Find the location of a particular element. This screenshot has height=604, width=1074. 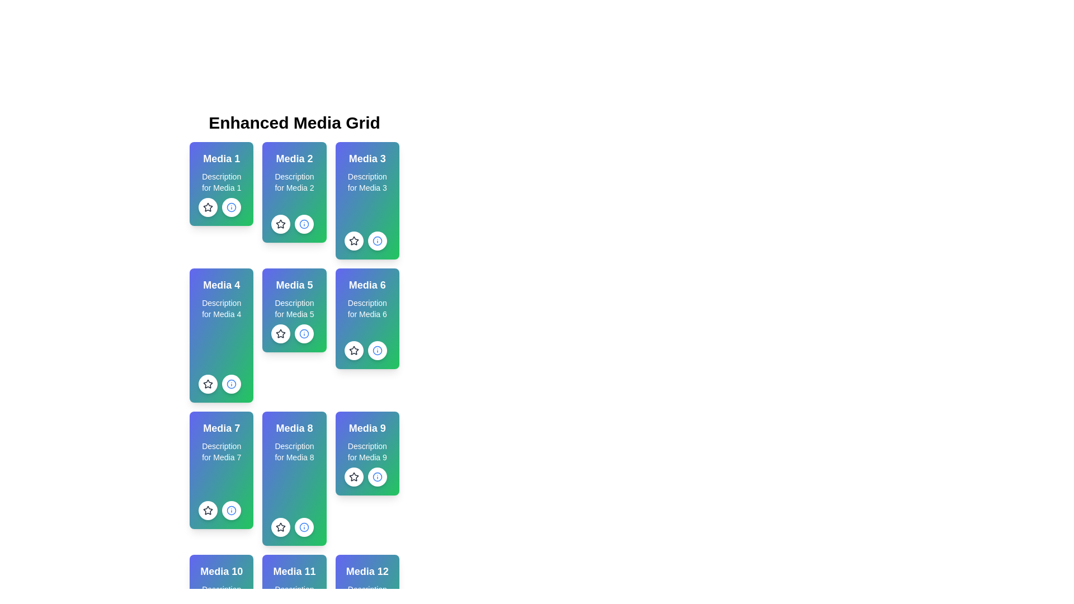

the star-shaped icon at the bottom-left corner of the Media 6 card to favorite the associated media is located at coordinates (353, 350).